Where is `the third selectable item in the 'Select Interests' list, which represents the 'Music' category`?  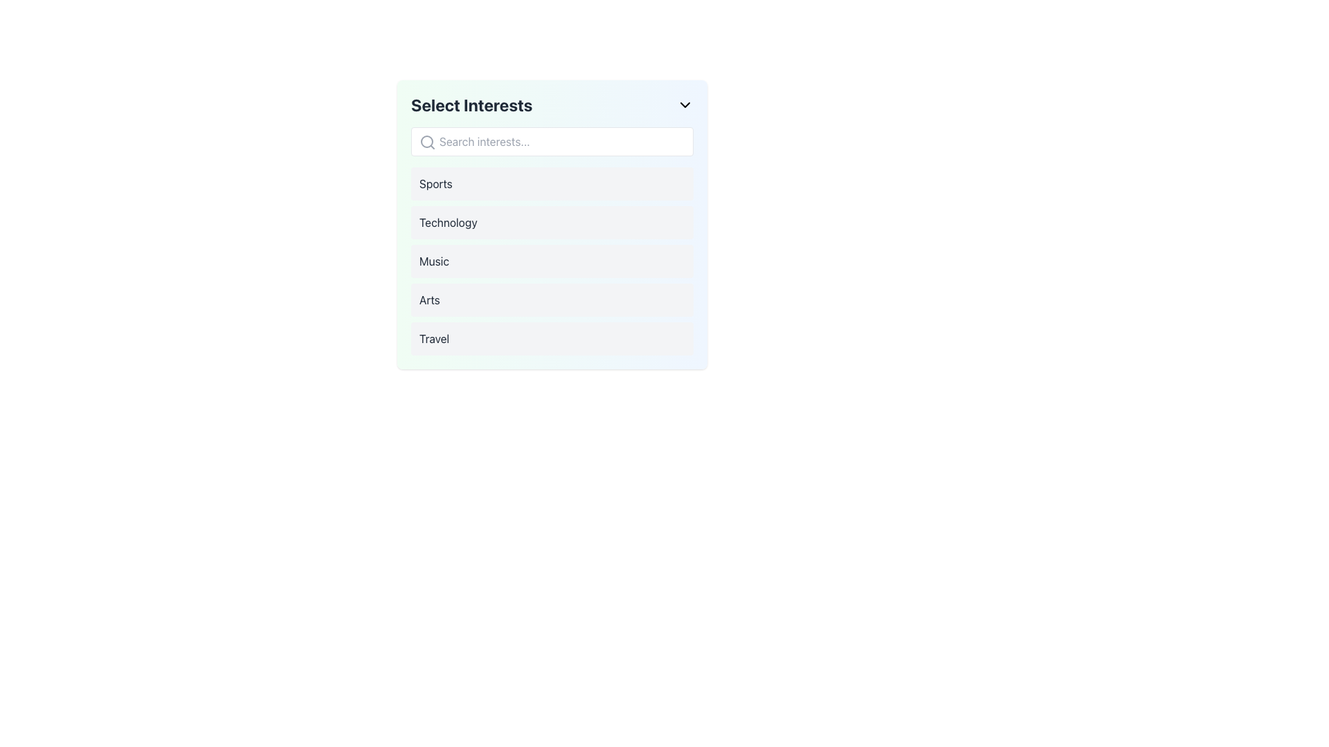 the third selectable item in the 'Select Interests' list, which represents the 'Music' category is located at coordinates (551, 261).